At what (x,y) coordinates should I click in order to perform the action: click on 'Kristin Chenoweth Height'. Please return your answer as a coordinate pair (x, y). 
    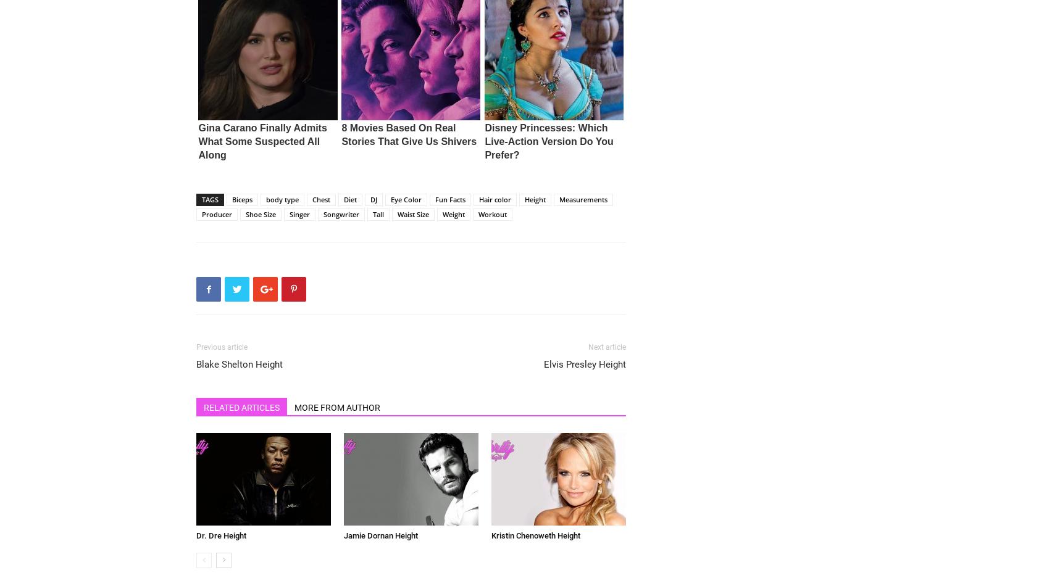
    Looking at the image, I should click on (536, 535).